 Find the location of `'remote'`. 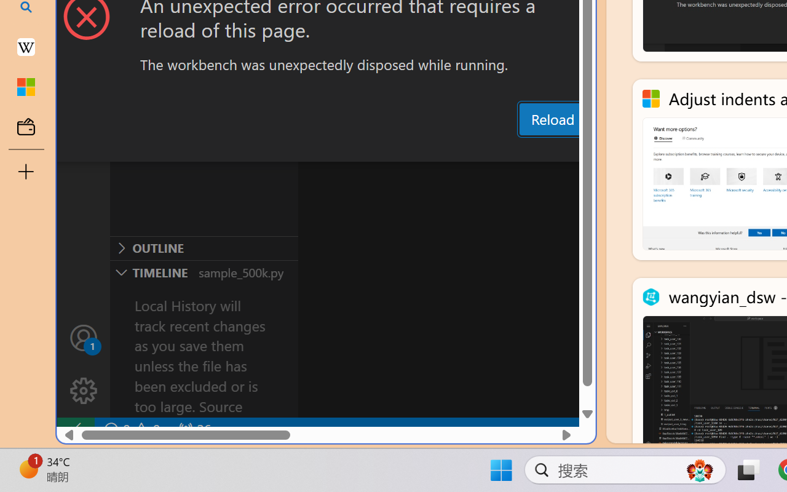

'remote' is located at coordinates (74, 429).